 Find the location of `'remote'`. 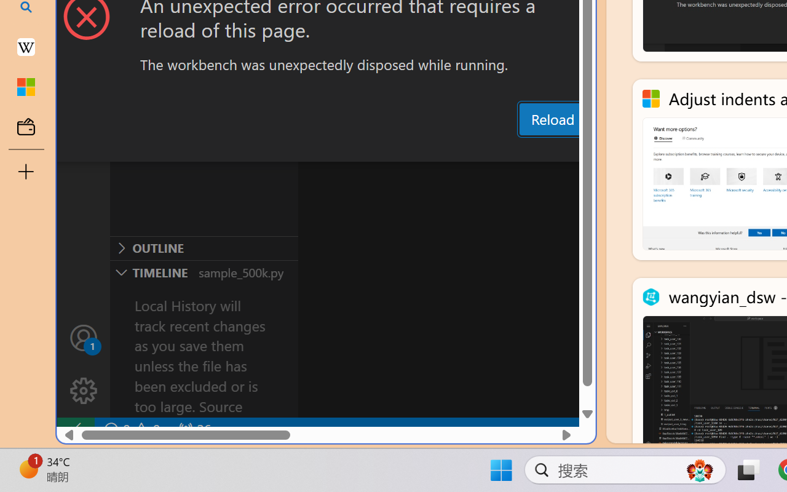

'remote' is located at coordinates (74, 429).